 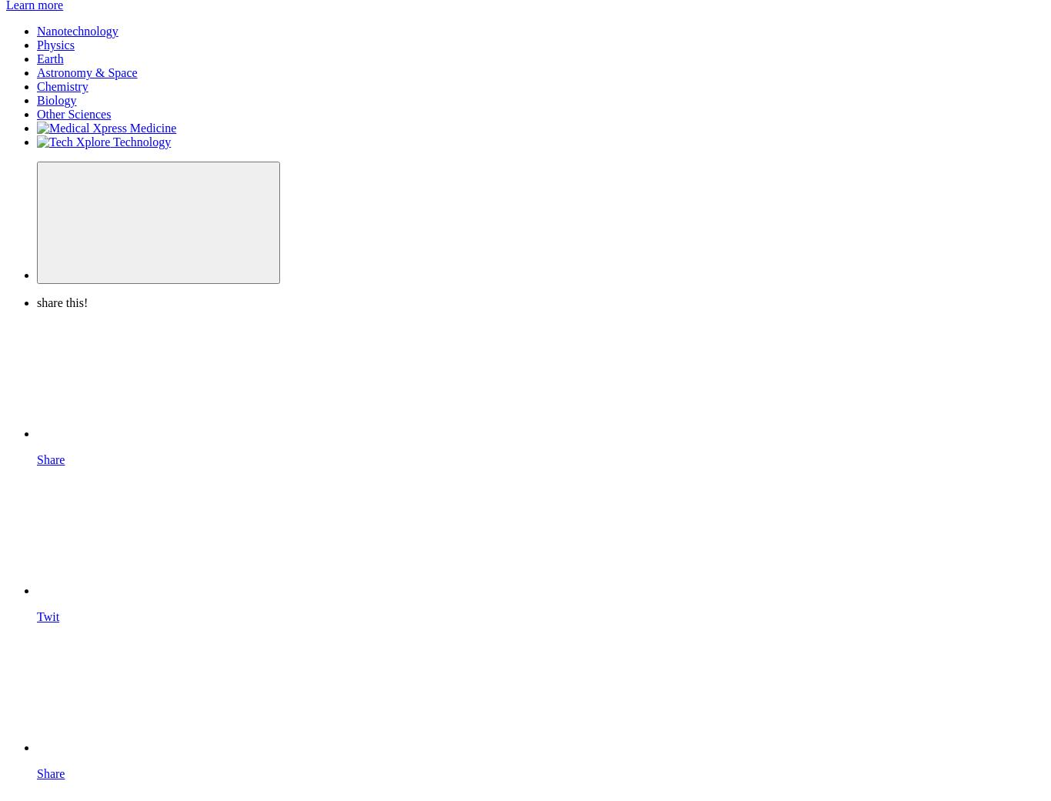 I want to click on 'Astronomy & Space', so click(x=36, y=72).